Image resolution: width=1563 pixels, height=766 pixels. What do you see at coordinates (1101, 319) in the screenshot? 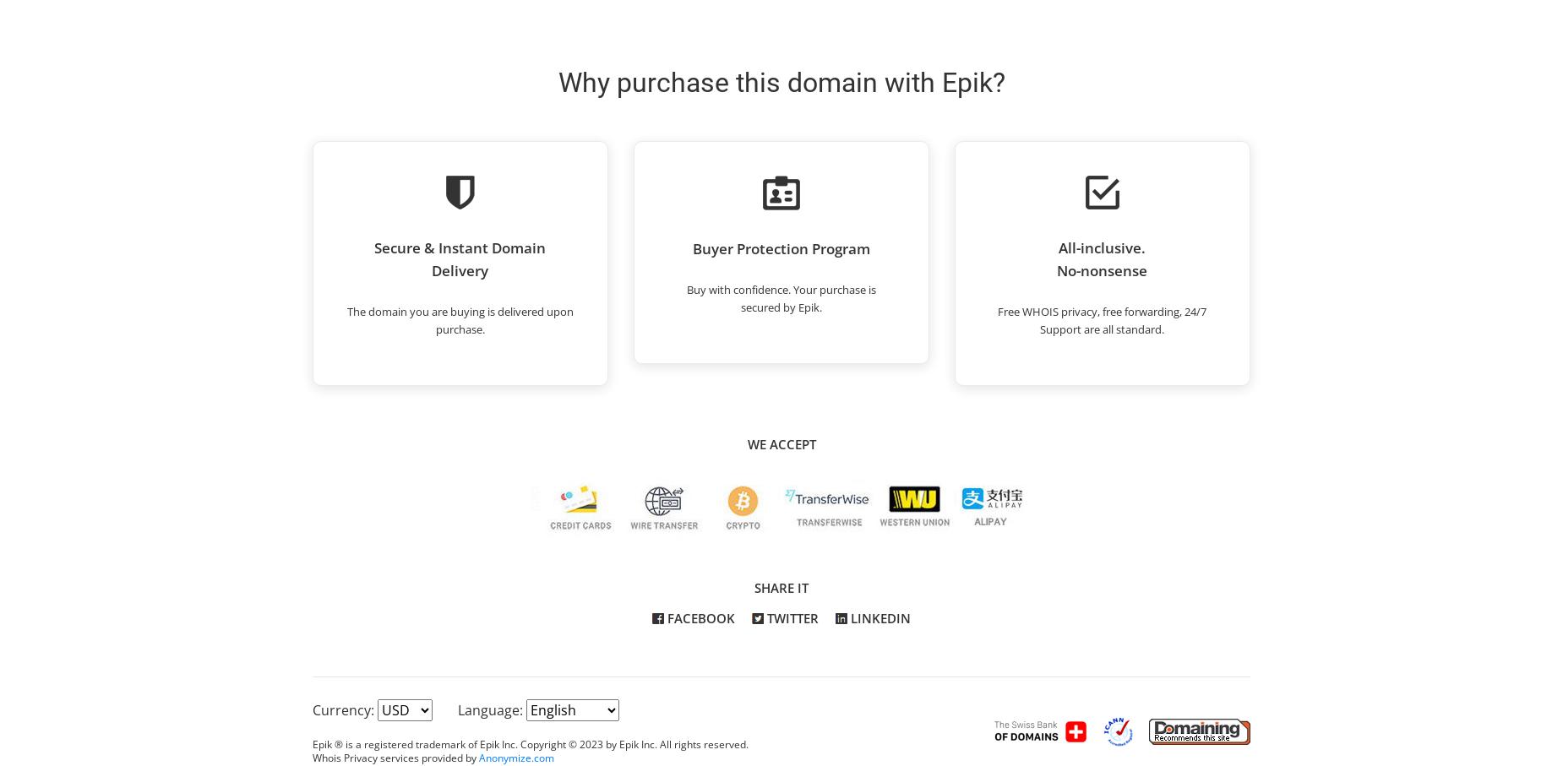
I see `'Free WHOIS privacy, free forwarding, 24/7 Support are all standard.'` at bounding box center [1101, 319].